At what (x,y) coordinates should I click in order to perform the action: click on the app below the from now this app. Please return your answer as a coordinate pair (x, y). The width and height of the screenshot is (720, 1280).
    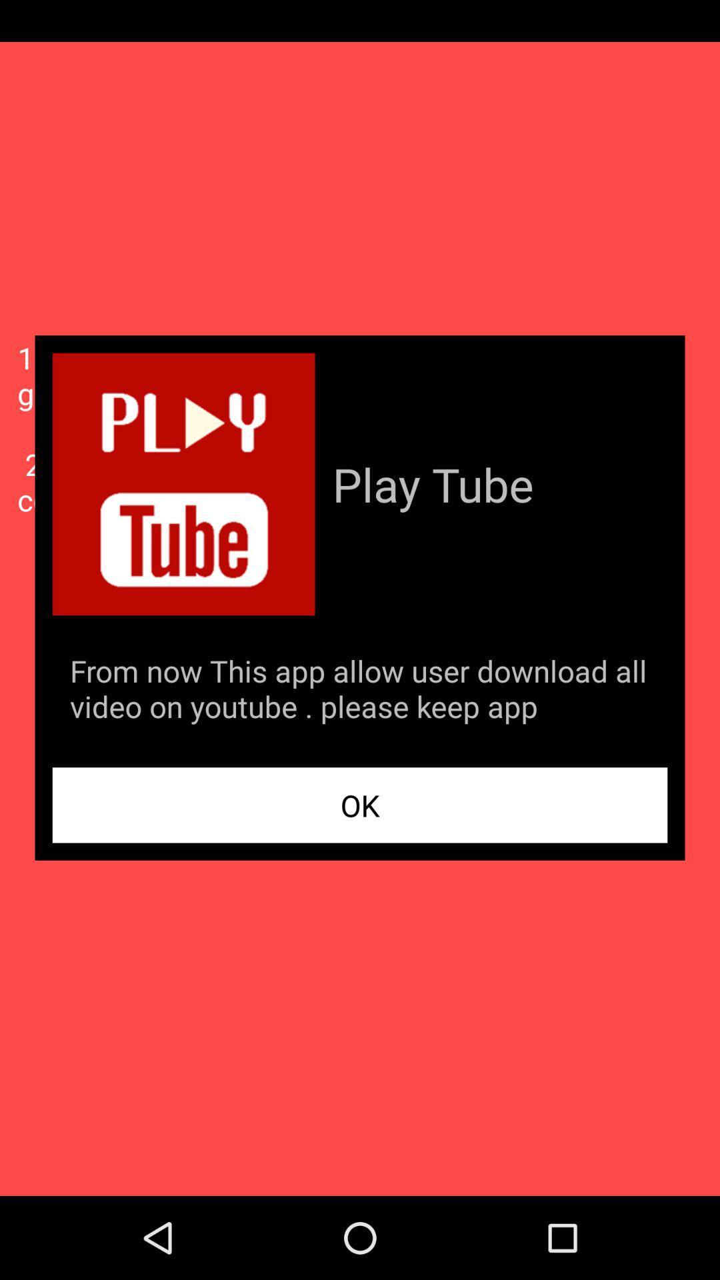
    Looking at the image, I should click on (360, 804).